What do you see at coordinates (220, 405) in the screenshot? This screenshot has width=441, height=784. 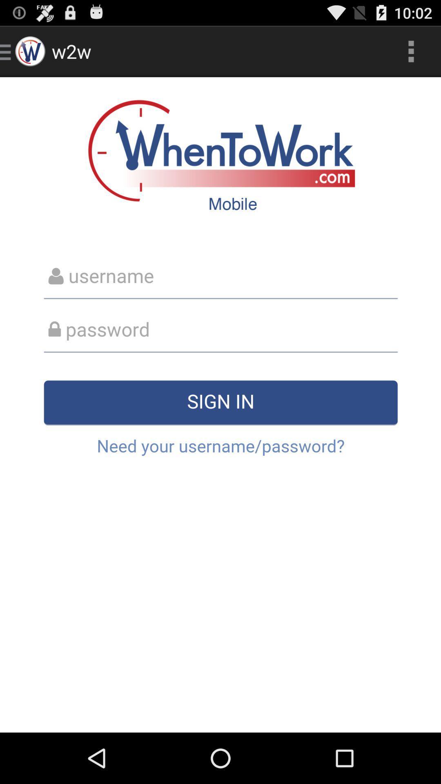 I see `login` at bounding box center [220, 405].